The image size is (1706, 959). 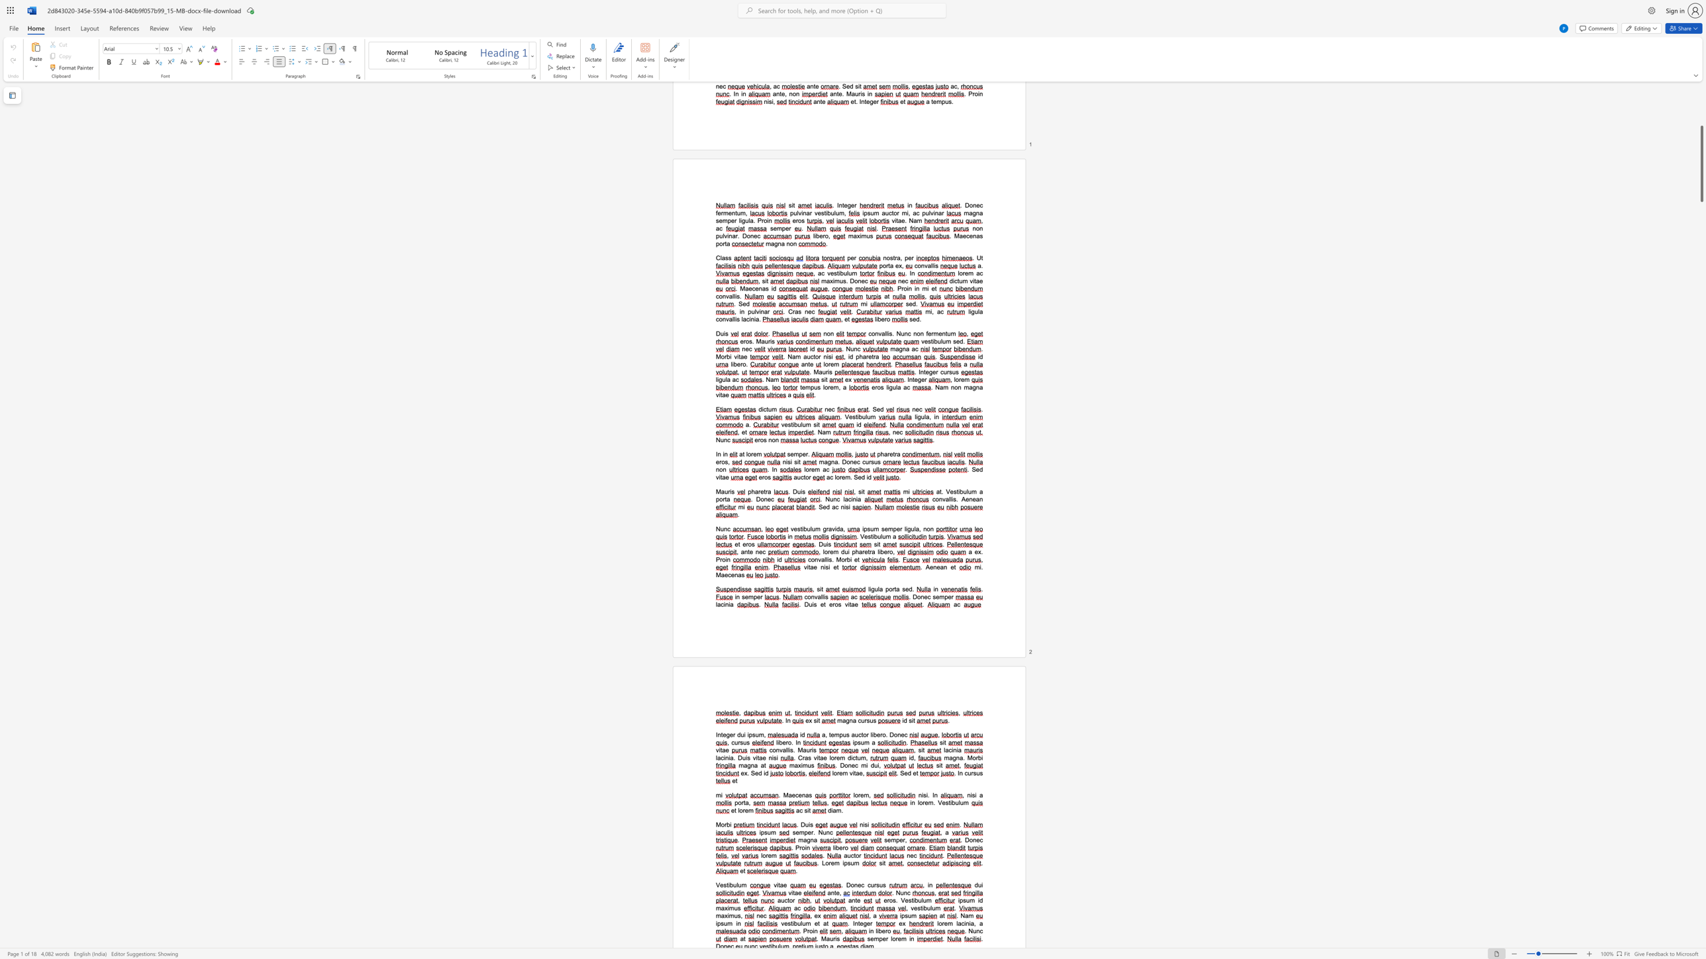 What do you see at coordinates (840, 757) in the screenshot?
I see `the space between the continuous character "e" and "m" in the text` at bounding box center [840, 757].